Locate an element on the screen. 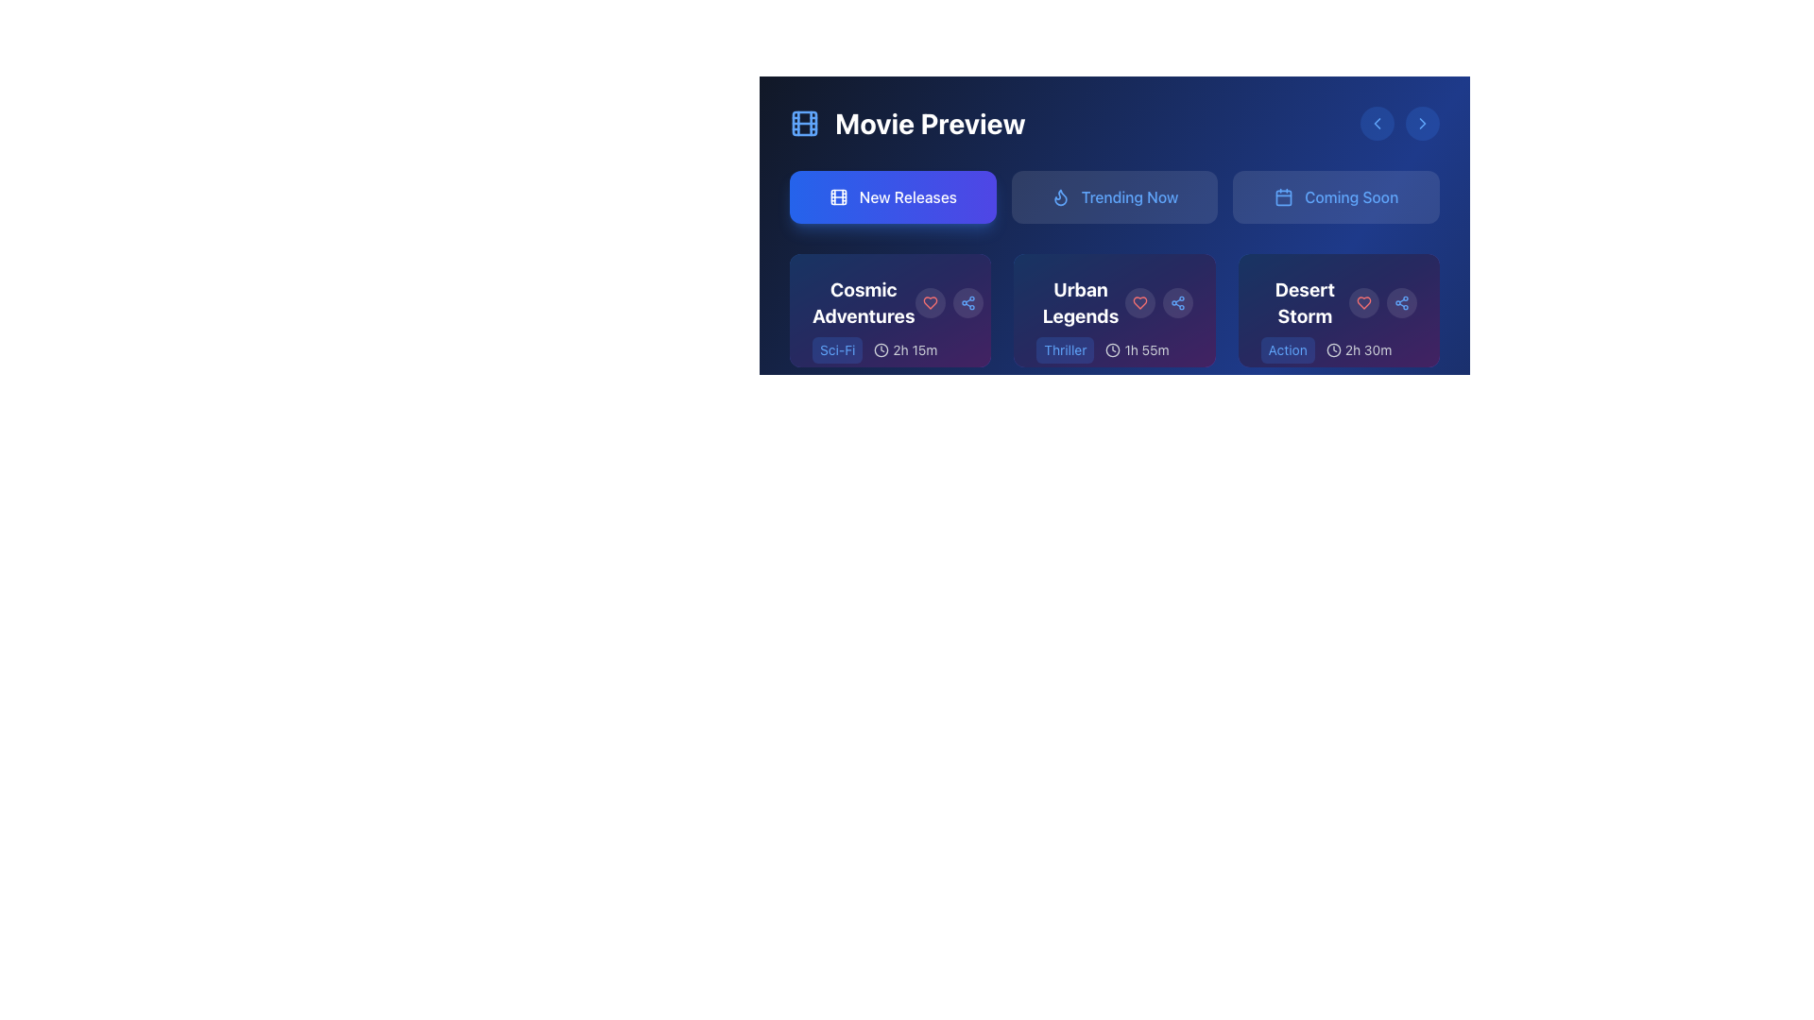  the decorative icon located to the far left of the 'Movie Preview' header section is located at coordinates (804, 124).